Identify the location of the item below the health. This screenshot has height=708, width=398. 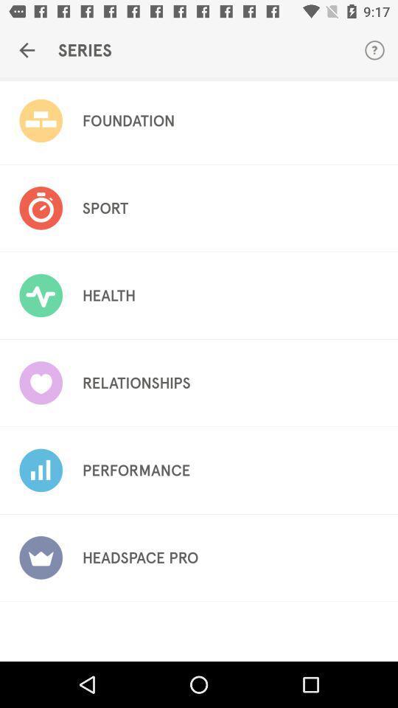
(136, 382).